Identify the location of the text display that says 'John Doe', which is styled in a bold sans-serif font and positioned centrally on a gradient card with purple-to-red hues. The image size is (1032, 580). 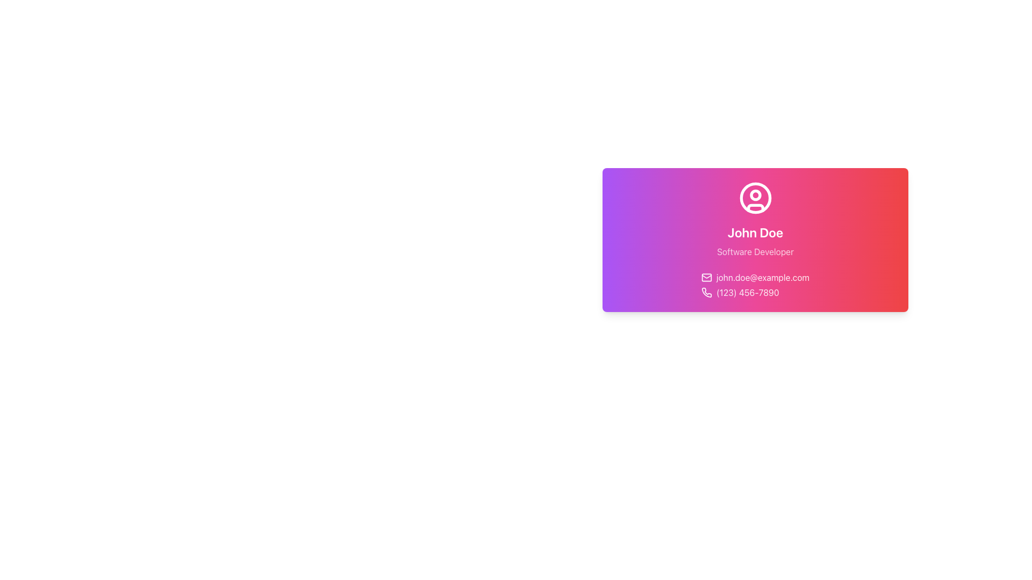
(755, 231).